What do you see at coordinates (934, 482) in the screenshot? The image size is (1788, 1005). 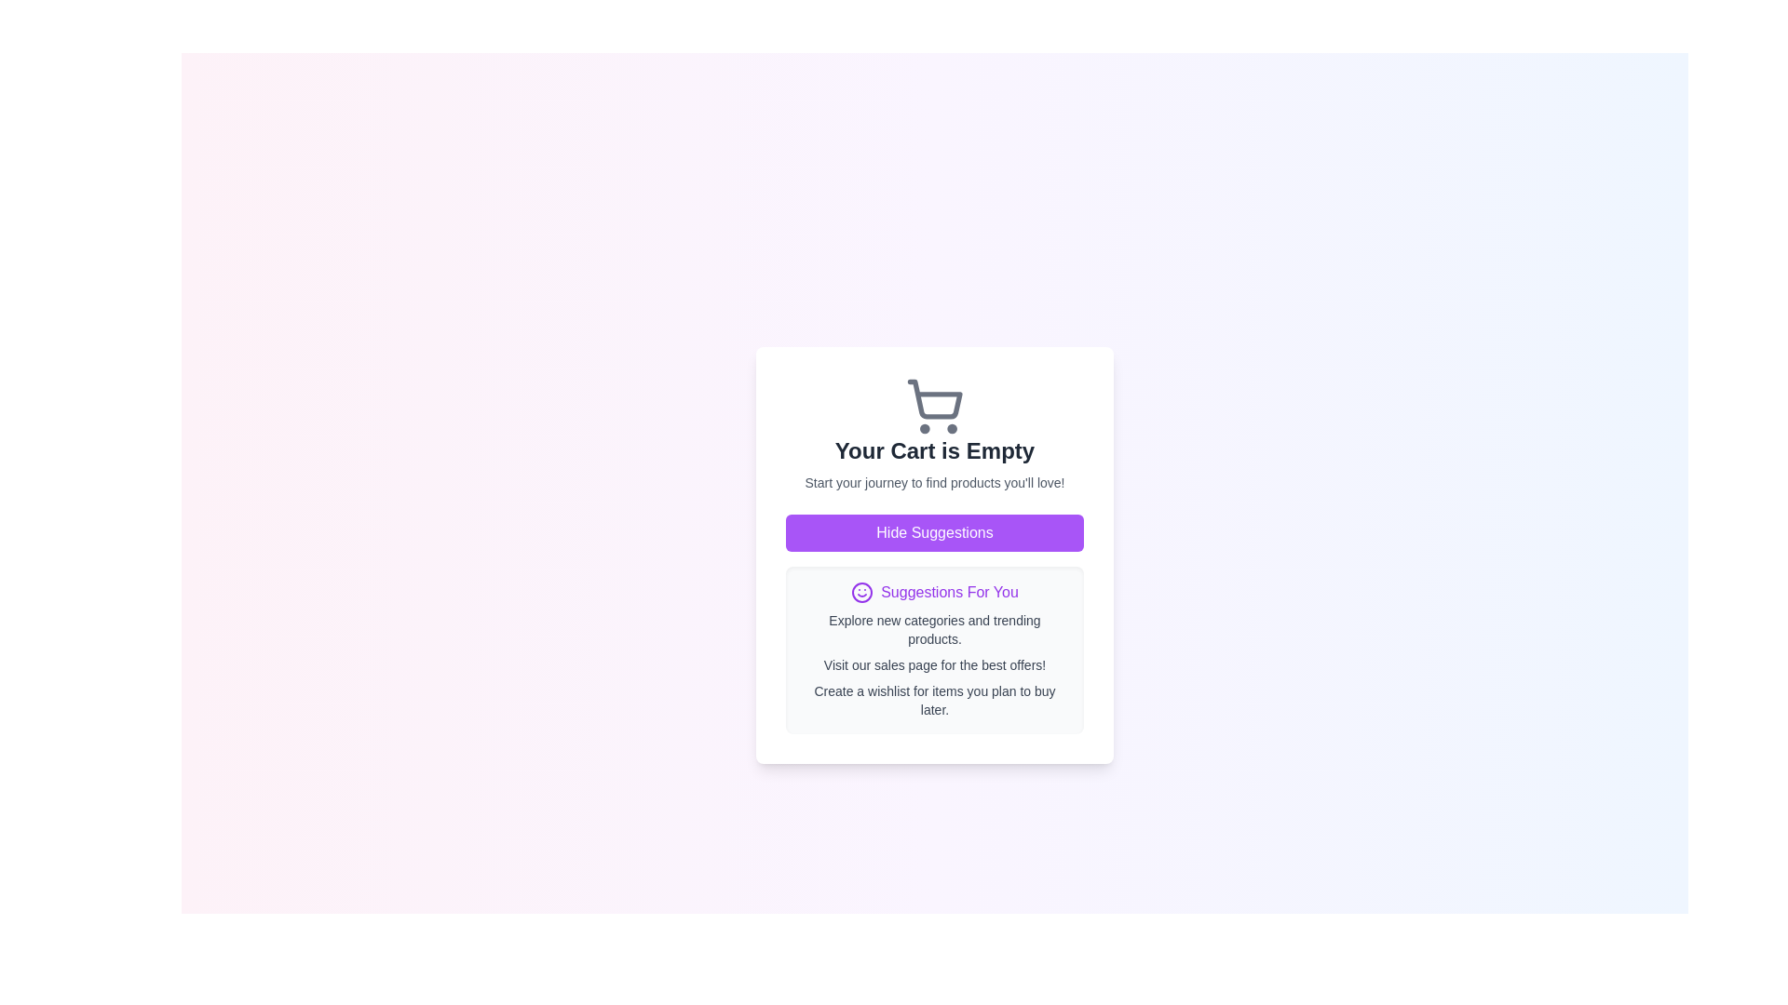 I see `text element displaying 'Start your journey to find products you'll love!' which is located below the heading 'Your Cart is Empty' and above the purple button labeled 'Hide Suggestions'` at bounding box center [934, 482].